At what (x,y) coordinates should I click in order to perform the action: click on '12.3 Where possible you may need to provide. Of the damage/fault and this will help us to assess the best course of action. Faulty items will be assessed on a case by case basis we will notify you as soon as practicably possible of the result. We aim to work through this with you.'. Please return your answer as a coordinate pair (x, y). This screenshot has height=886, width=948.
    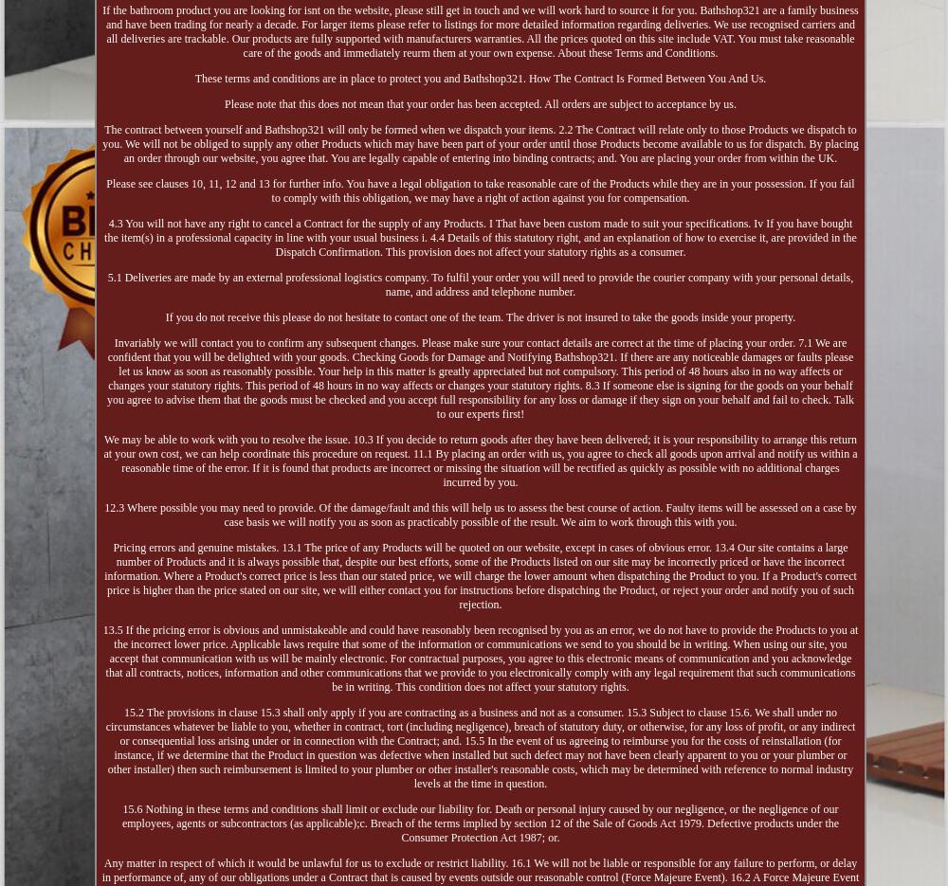
    Looking at the image, I should click on (480, 513).